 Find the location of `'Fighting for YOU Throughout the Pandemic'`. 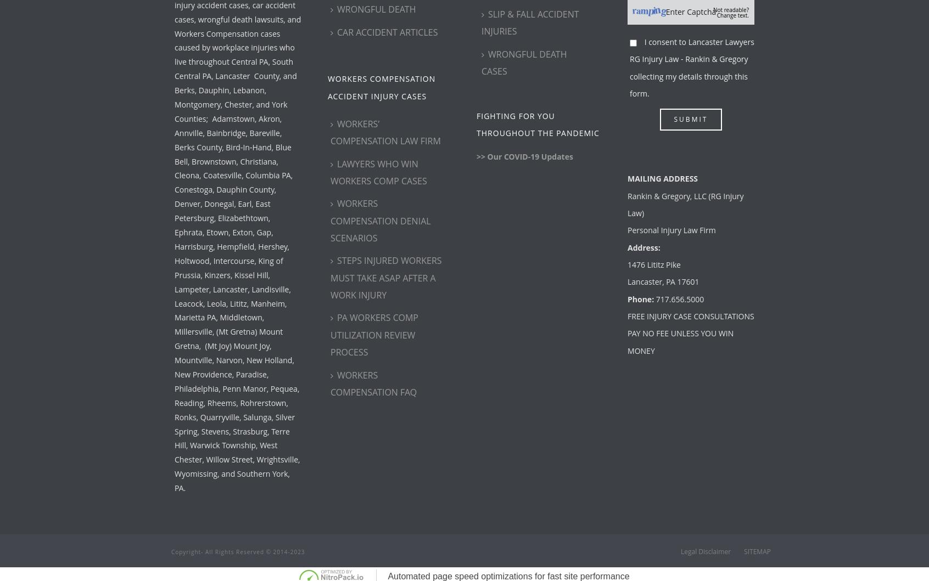

'Fighting for YOU Throughout the Pandemic' is located at coordinates (475, 123).